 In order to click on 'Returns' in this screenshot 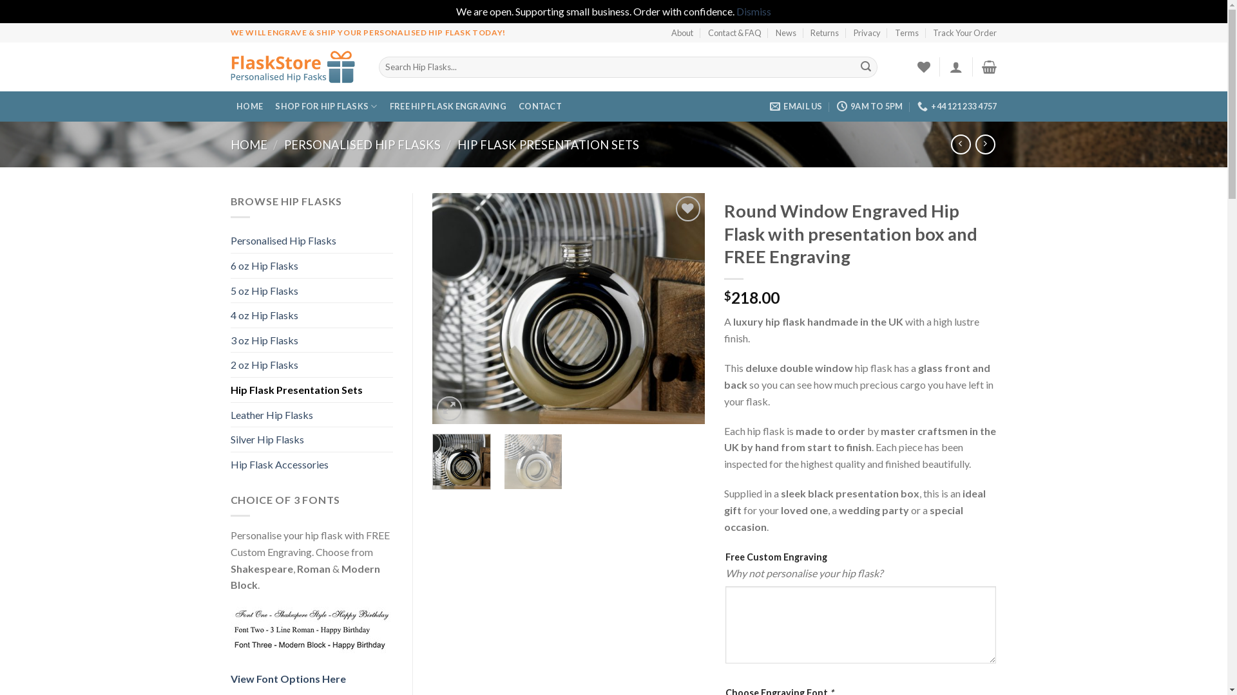, I will do `click(825, 32)`.